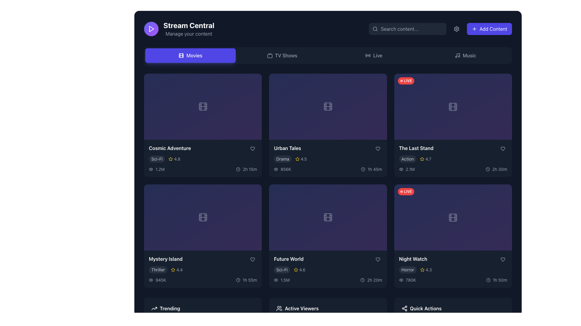 The height and width of the screenshot is (326, 581). Describe the element at coordinates (371, 280) in the screenshot. I see `the text label displaying '2h 20m' with a clock icon in gray font, located in the 'Future World' section of the bottom-right corner of the card layout` at that location.